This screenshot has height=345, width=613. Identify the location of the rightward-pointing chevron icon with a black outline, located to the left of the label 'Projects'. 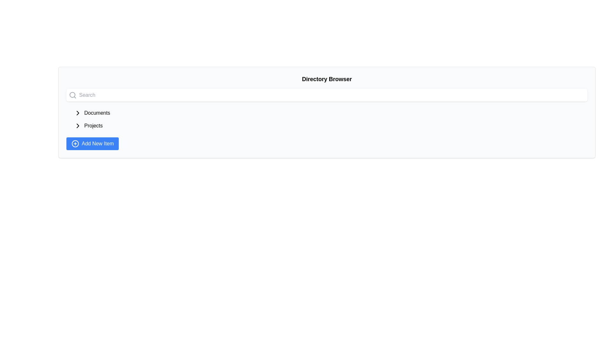
(78, 126).